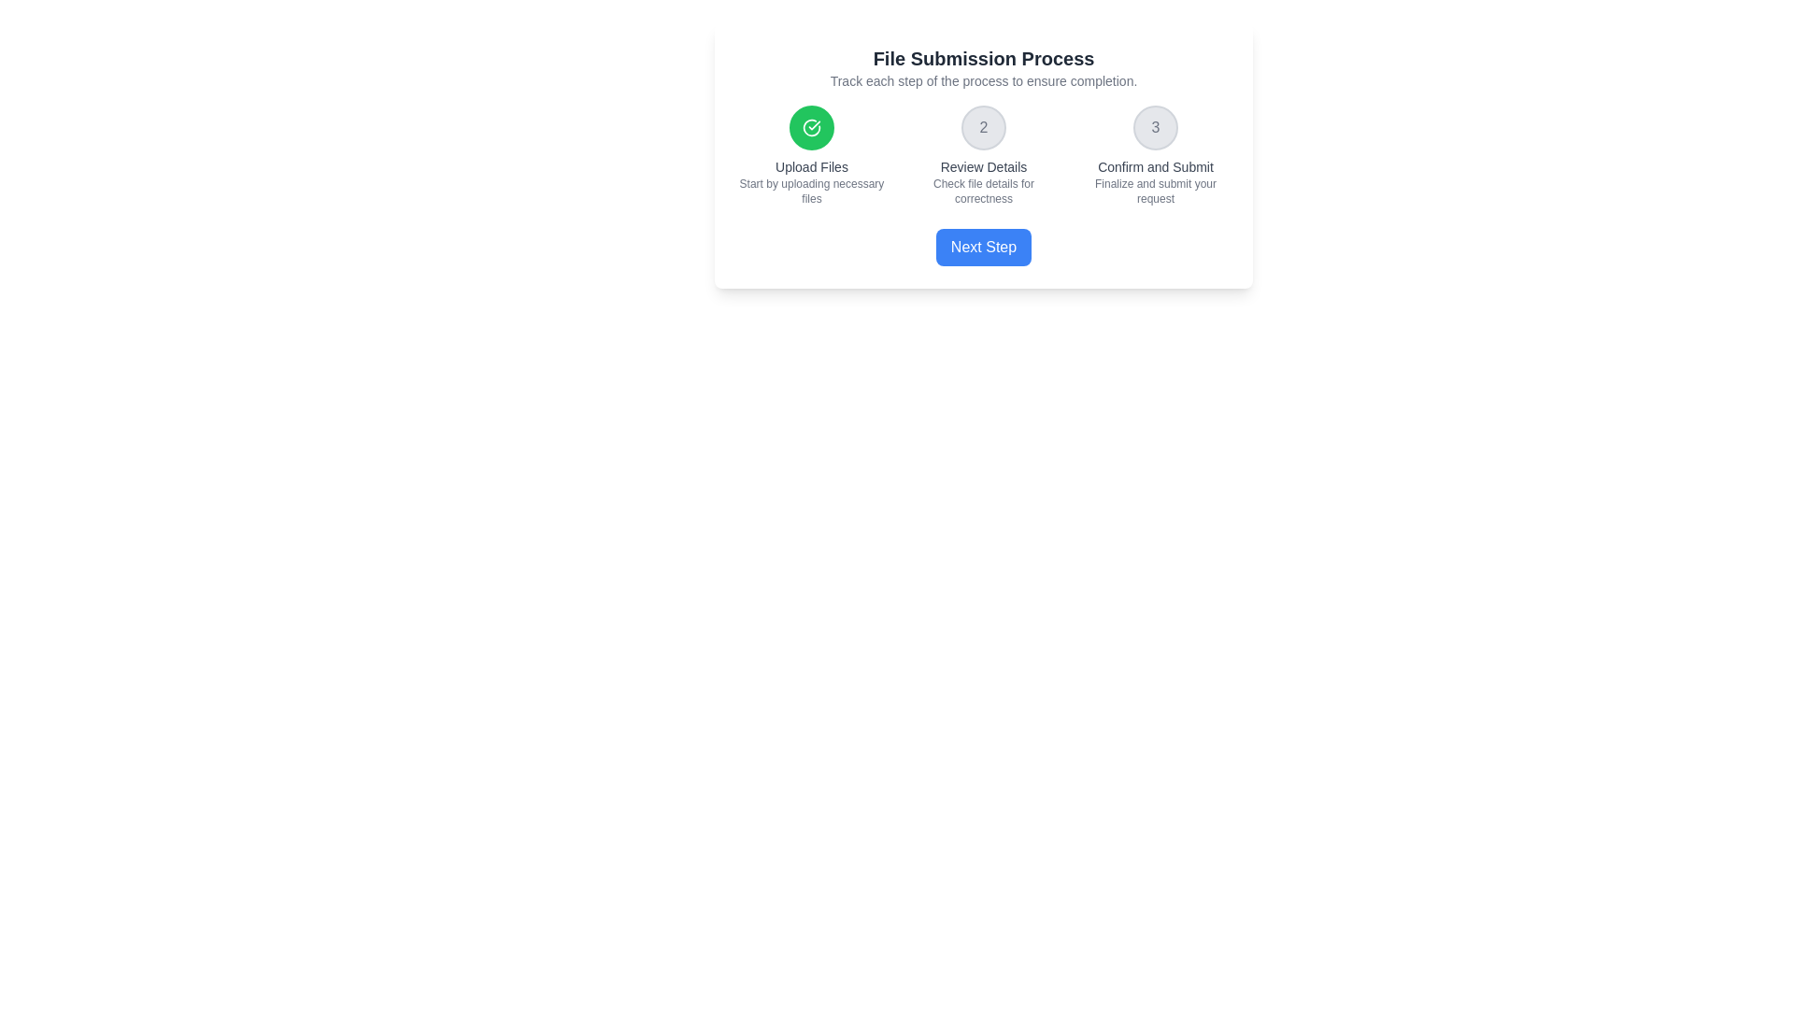 The width and height of the screenshot is (1794, 1009). Describe the element at coordinates (1155, 191) in the screenshot. I see `the Label/Text Description that provides clarifying information about finalizing and submitting the request, located under the title 'Confirm and Submit' and directly below the numeric step indicator '3'` at that location.